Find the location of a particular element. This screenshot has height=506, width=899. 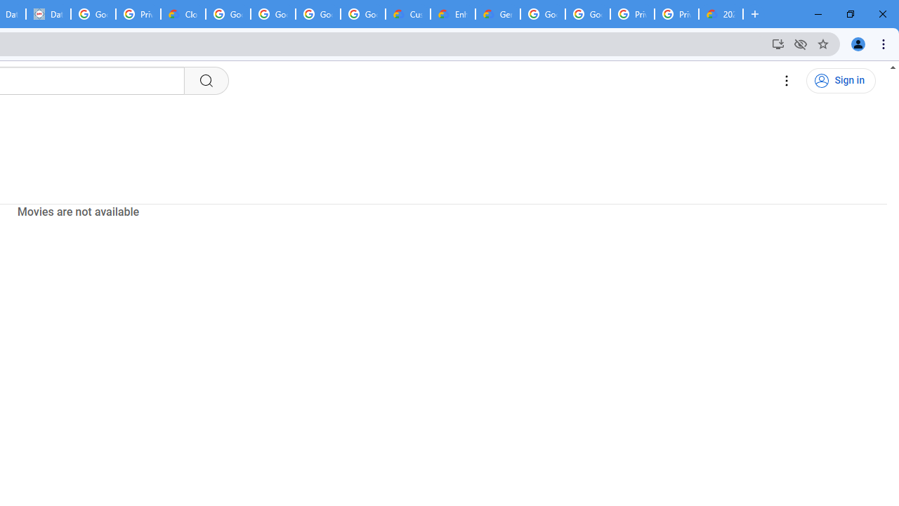

'Google Workspace - Specific Terms' is located at coordinates (363, 14).